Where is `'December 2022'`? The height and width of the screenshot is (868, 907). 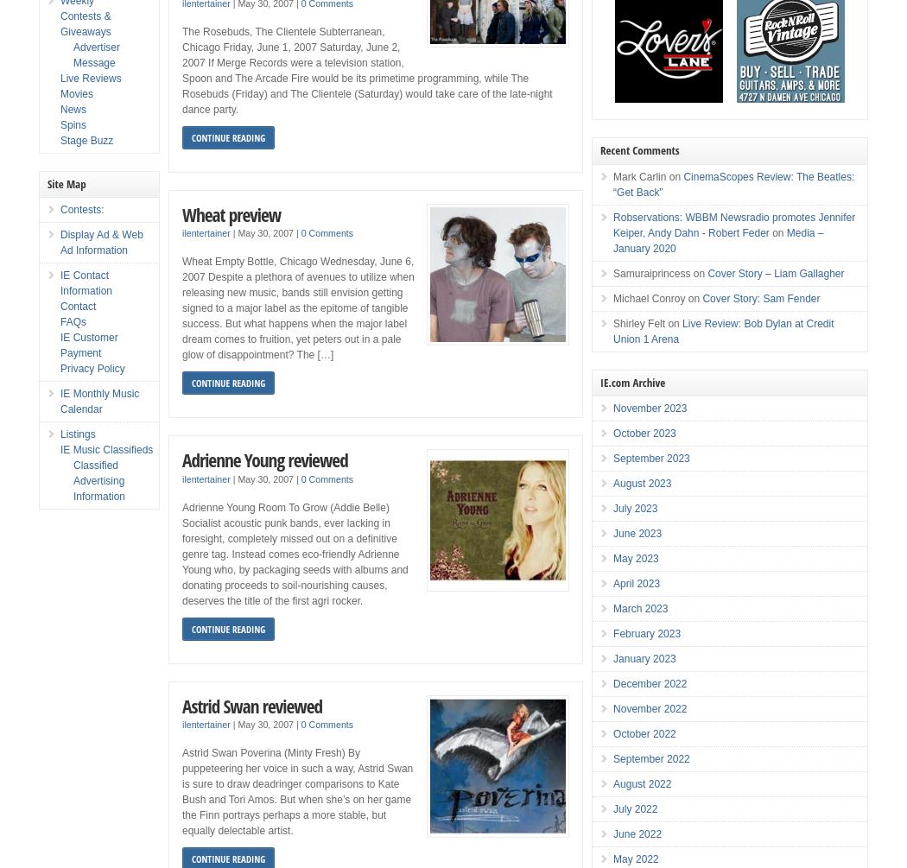
'December 2022' is located at coordinates (650, 684).